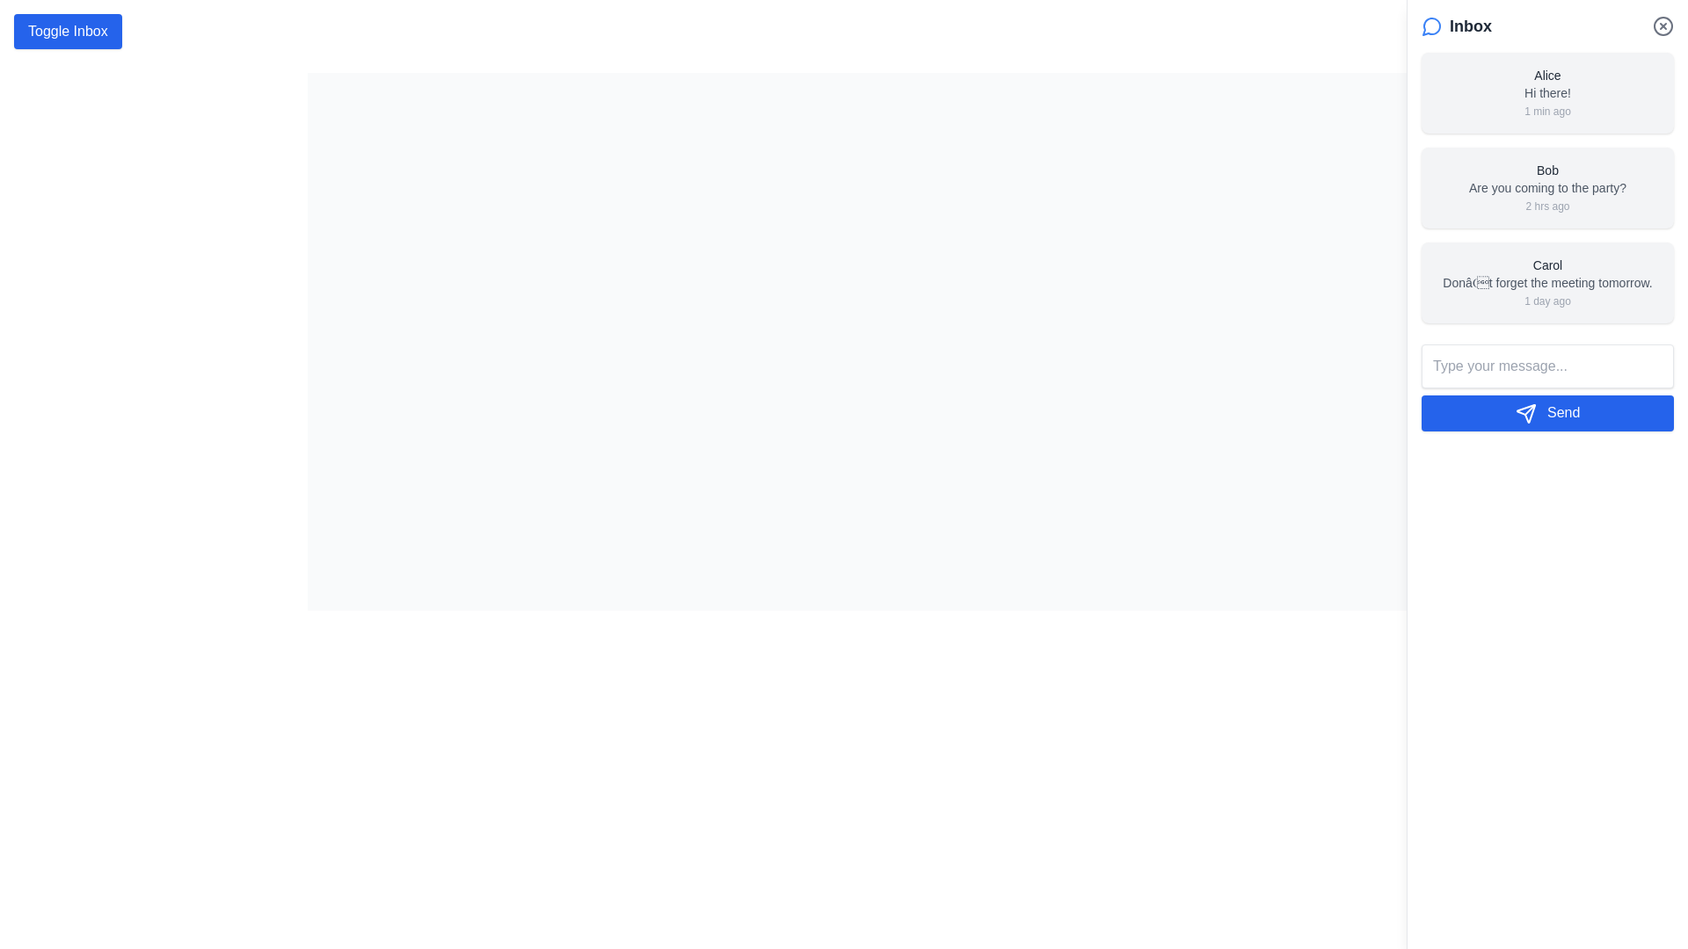 The height and width of the screenshot is (949, 1688). What do you see at coordinates (1456, 26) in the screenshot?
I see `the 'Inbox' text label located in the top-right corner of the interface, next to the close button` at bounding box center [1456, 26].